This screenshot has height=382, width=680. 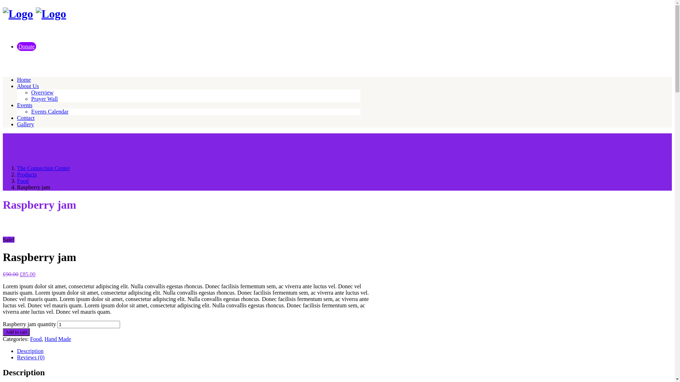 I want to click on 'Description', so click(x=30, y=351).